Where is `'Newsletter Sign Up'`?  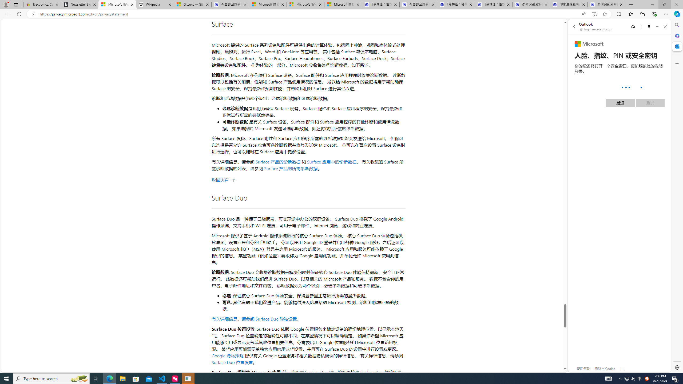
'Newsletter Sign Up' is located at coordinates (80, 4).